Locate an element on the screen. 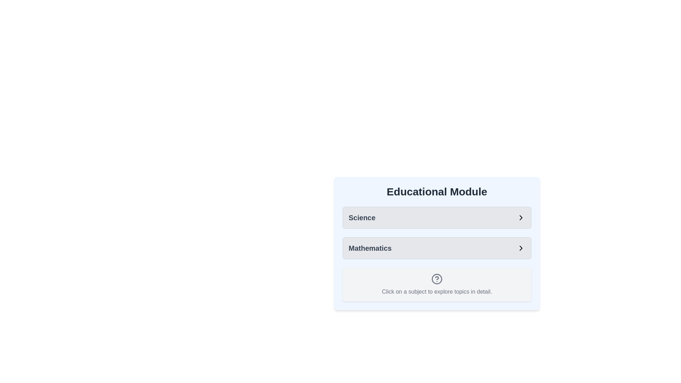 This screenshot has height=383, width=681. the static text label displaying 'Mathematics', which is located below the 'Science' label in the educational topics row is located at coordinates (370, 248).